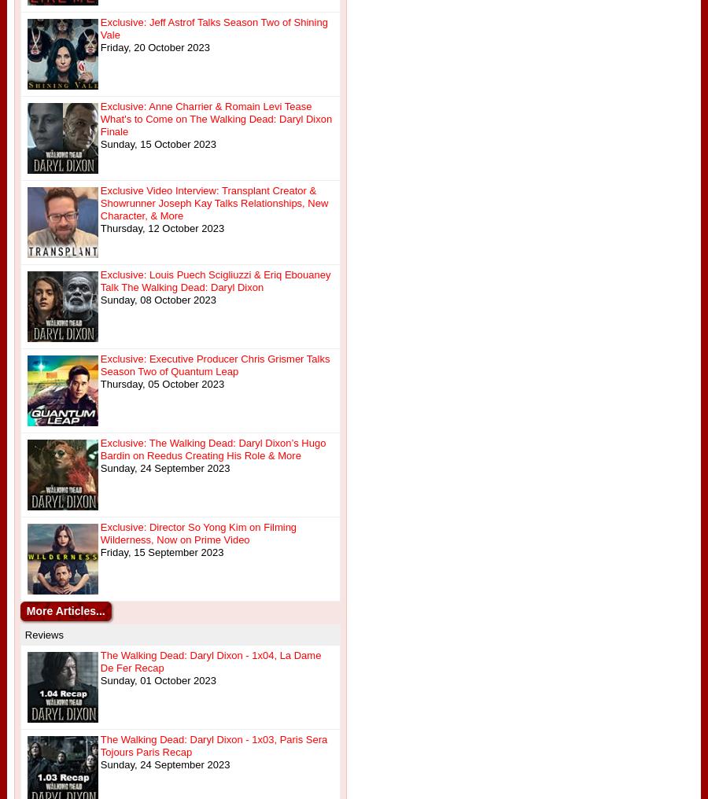  What do you see at coordinates (197, 532) in the screenshot?
I see `'Exclusive: Director So Yong Kim on Filming Wilderness, Now on Prime Video'` at bounding box center [197, 532].